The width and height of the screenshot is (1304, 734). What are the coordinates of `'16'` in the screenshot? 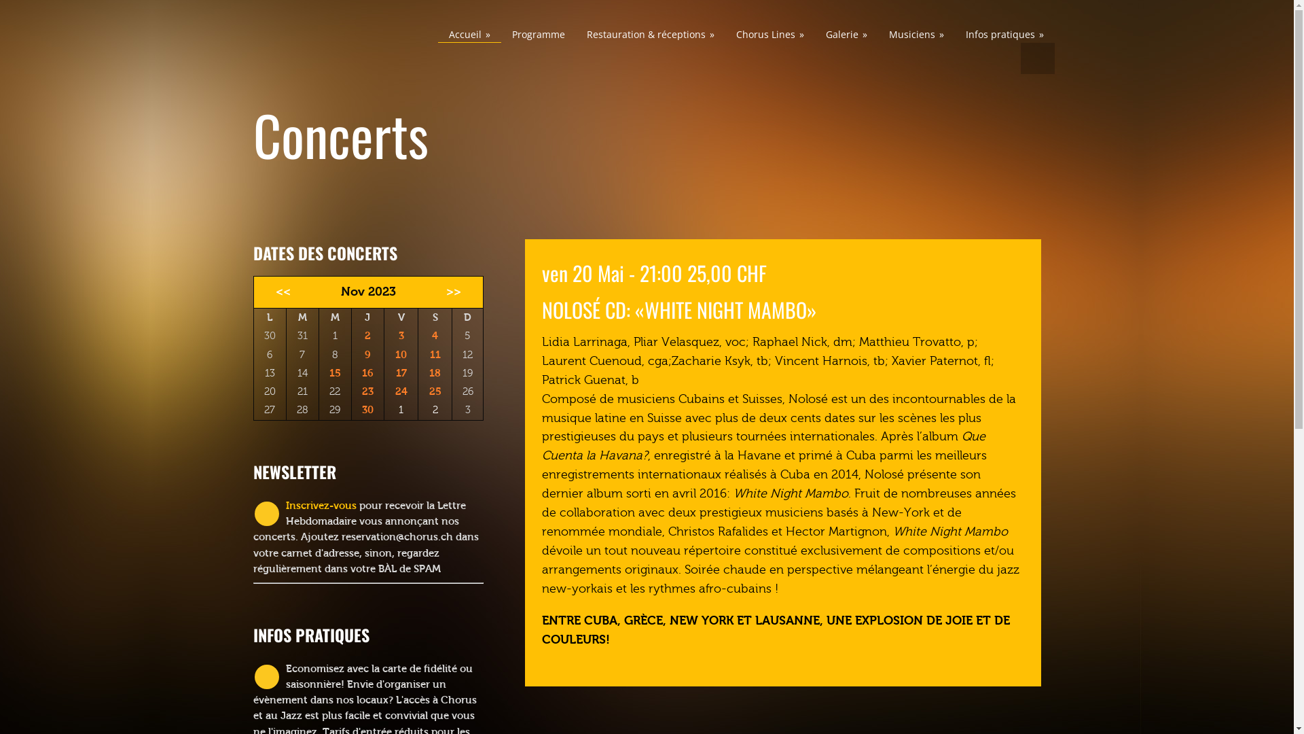 It's located at (367, 372).